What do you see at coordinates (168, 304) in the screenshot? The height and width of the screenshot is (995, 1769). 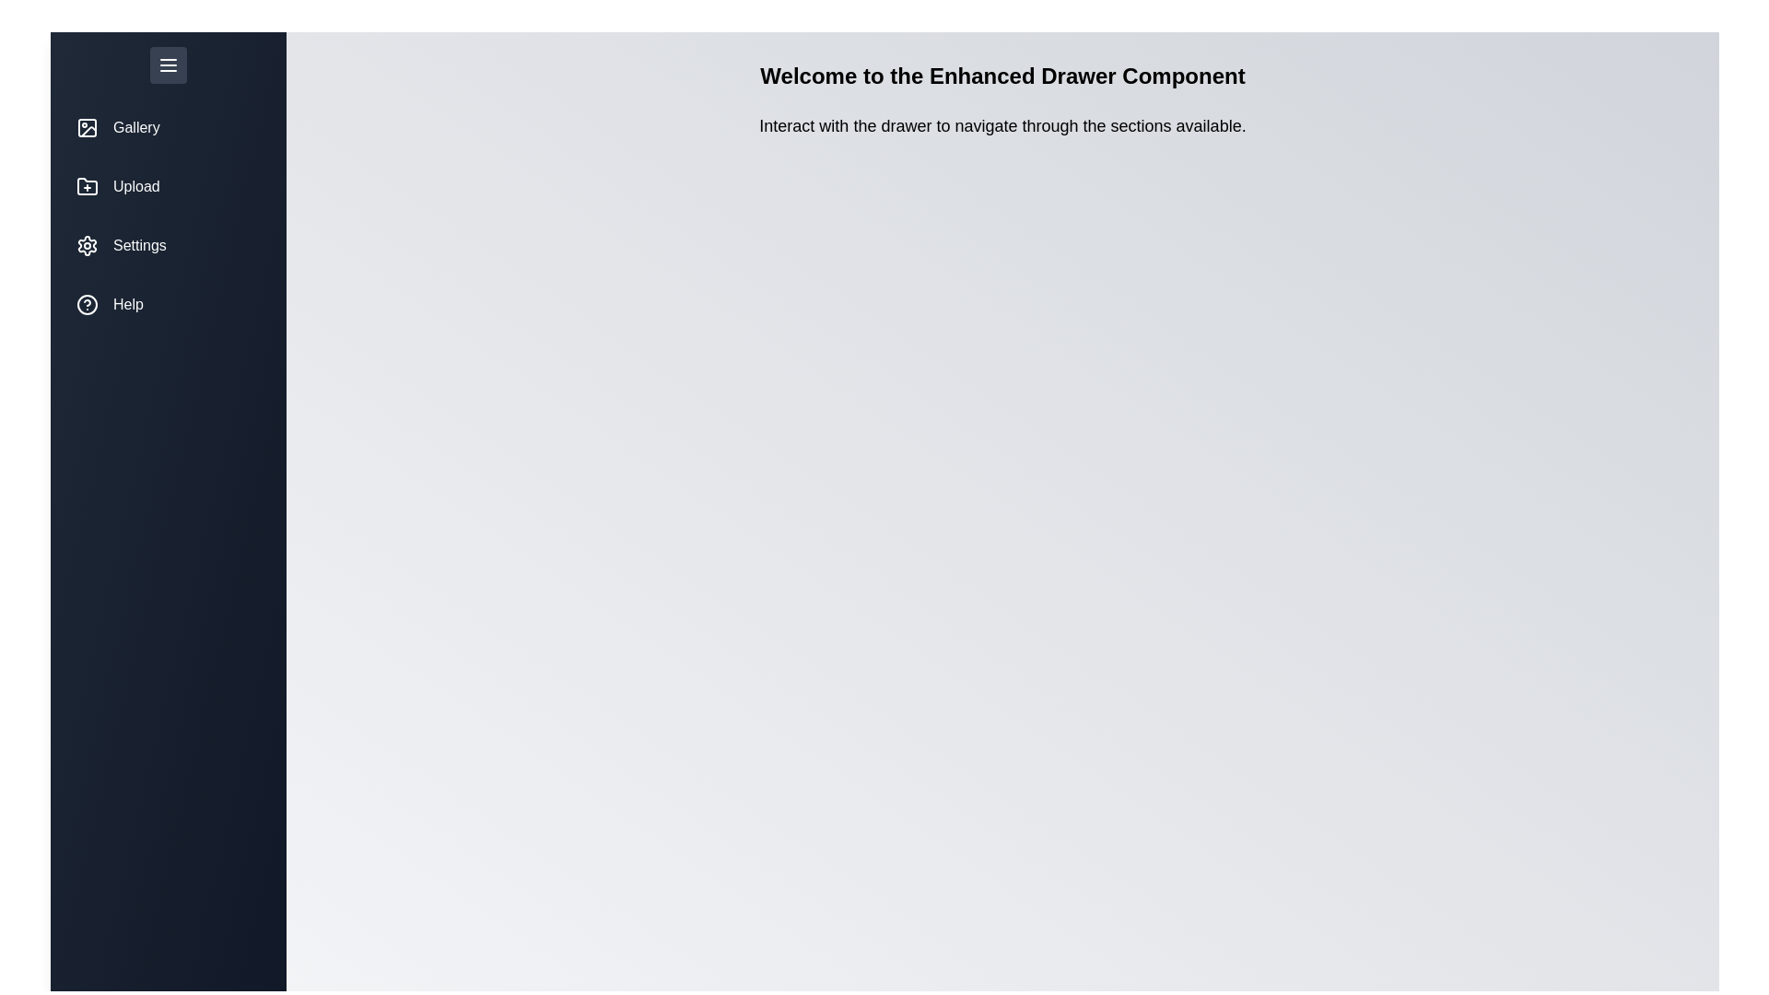 I see `the 'Help' section to navigate or interact` at bounding box center [168, 304].